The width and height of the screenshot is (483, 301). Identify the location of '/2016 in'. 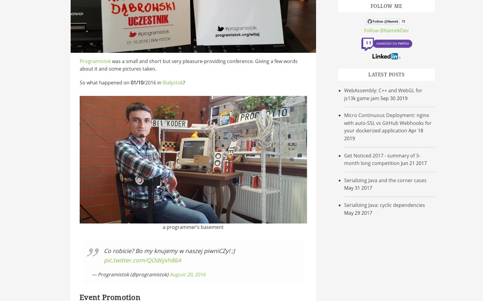
(152, 82).